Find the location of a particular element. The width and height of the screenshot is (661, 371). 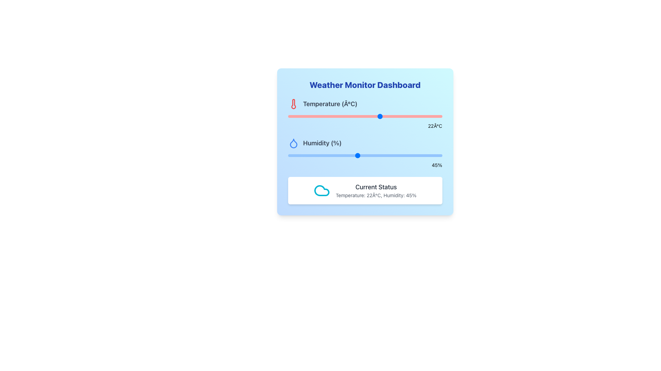

the humidity slider is located at coordinates (306, 155).